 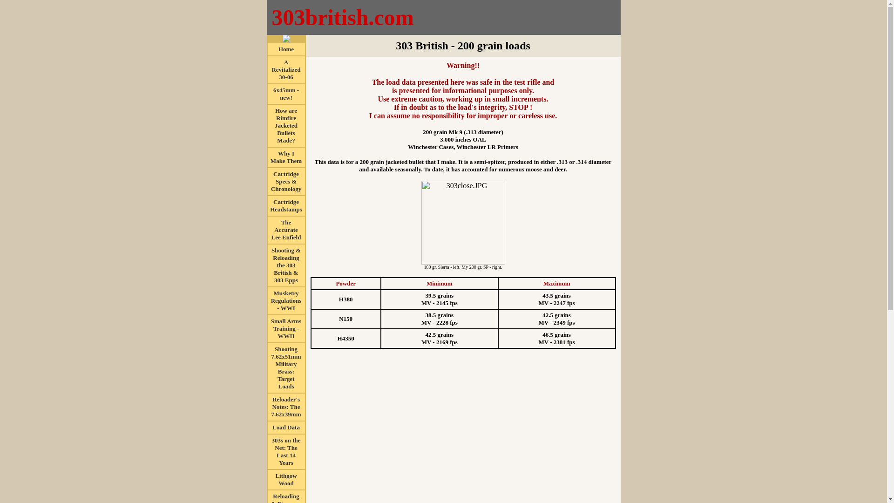 What do you see at coordinates (285, 367) in the screenshot?
I see `'Shooting 7.62x51mm Military Brass: Target Loads'` at bounding box center [285, 367].